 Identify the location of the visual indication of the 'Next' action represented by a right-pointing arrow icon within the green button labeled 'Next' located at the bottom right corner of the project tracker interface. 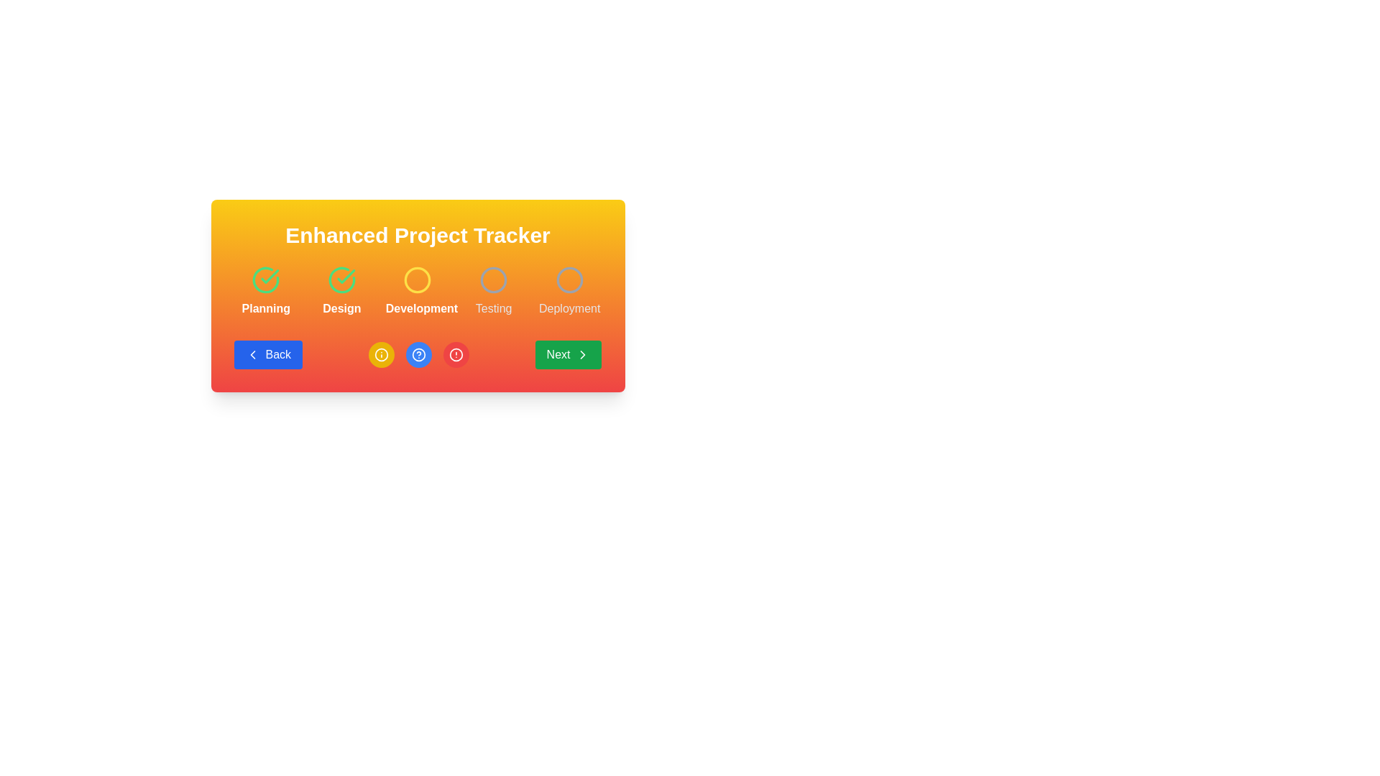
(583, 354).